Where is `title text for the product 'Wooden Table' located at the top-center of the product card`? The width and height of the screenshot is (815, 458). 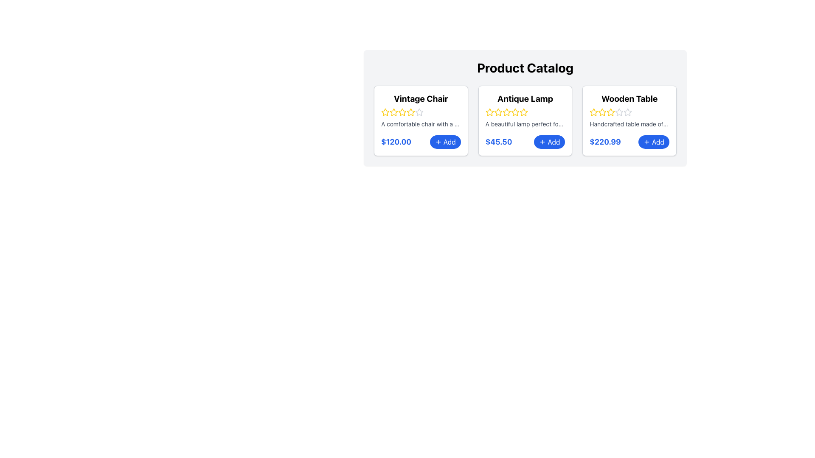 title text for the product 'Wooden Table' located at the top-center of the product card is located at coordinates (630, 98).